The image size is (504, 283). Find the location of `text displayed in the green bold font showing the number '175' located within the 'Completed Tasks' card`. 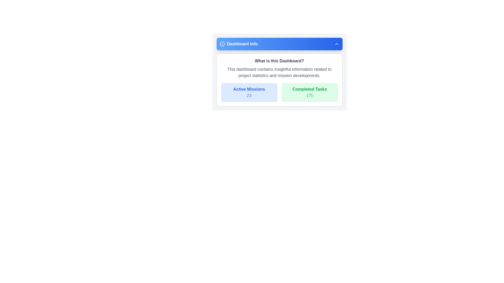

text displayed in the green bold font showing the number '175' located within the 'Completed Tasks' card is located at coordinates (310, 96).